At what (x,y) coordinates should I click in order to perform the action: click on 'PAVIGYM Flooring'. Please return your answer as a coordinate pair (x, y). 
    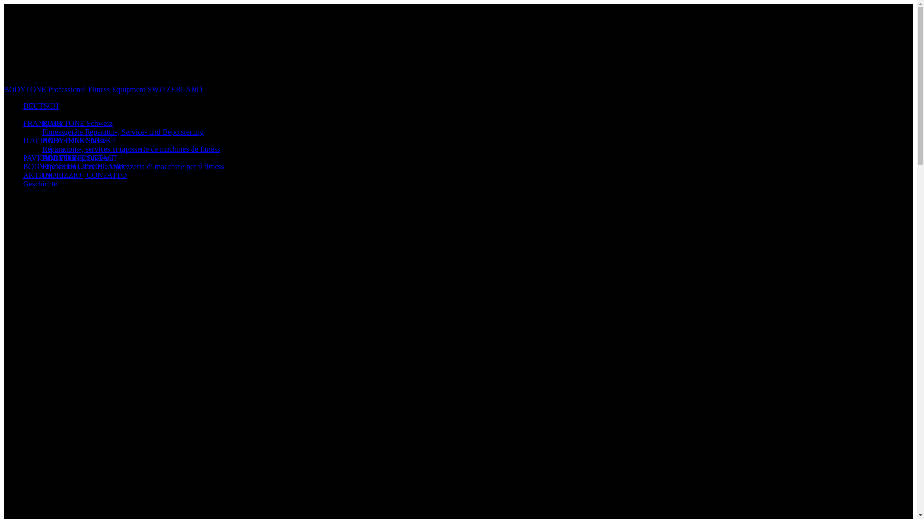
    Looking at the image, I should click on (54, 157).